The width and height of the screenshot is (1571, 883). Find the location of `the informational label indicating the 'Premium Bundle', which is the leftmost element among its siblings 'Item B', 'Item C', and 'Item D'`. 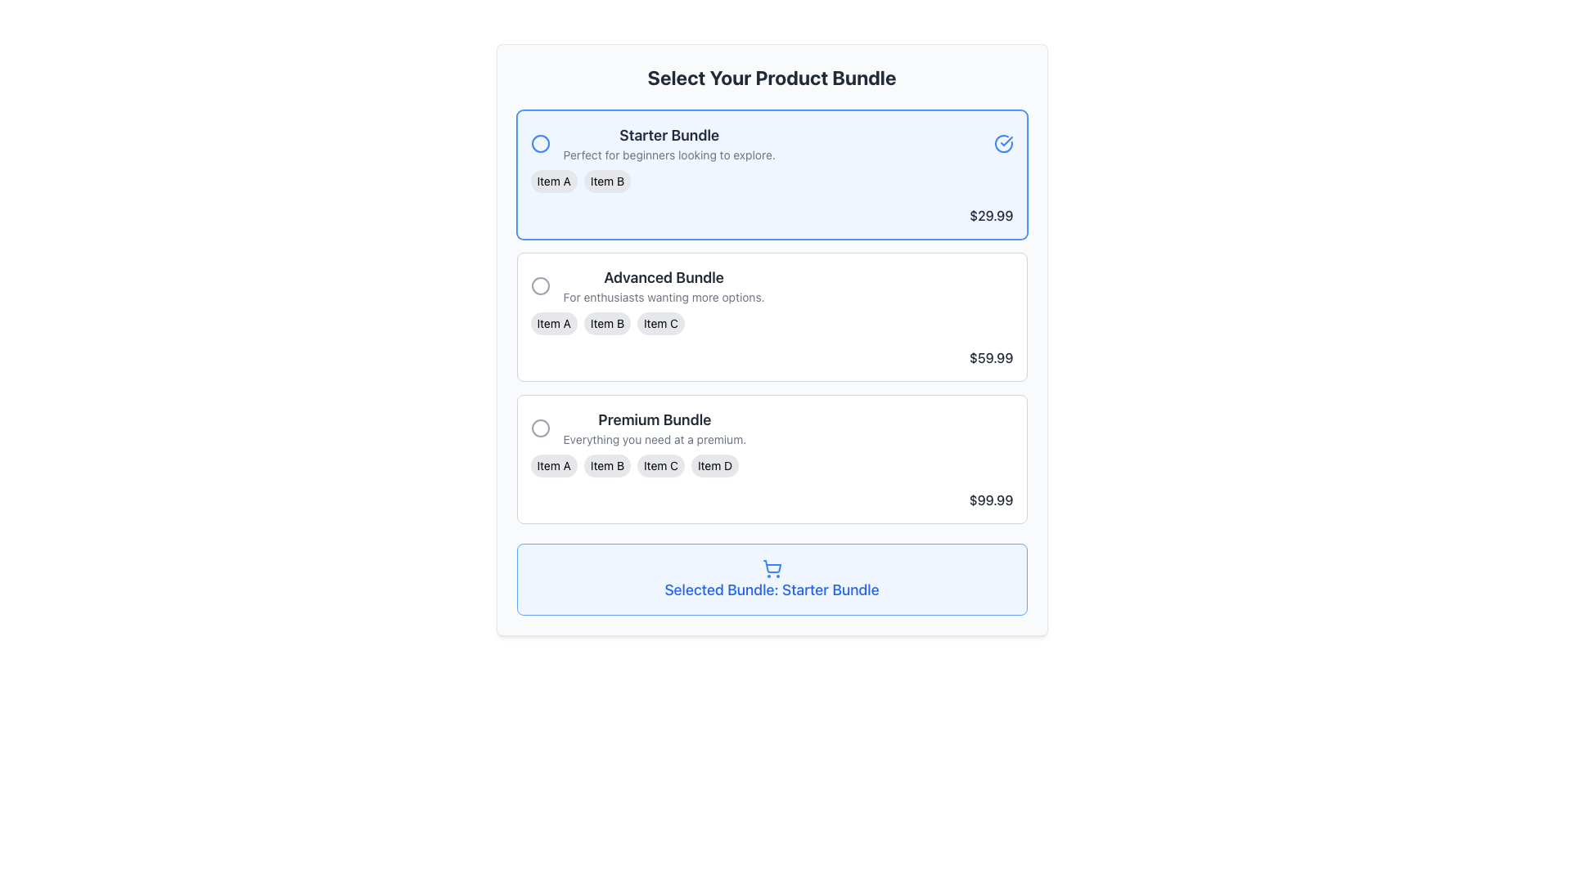

the informational label indicating the 'Premium Bundle', which is the leftmost element among its siblings 'Item B', 'Item C', and 'Item D' is located at coordinates (554, 466).